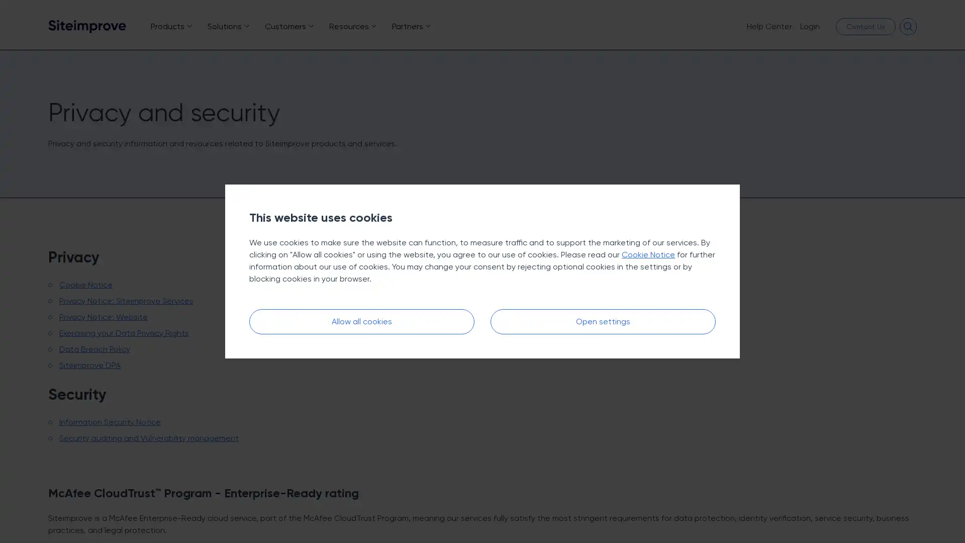  I want to click on Solutions, so click(227, 25).